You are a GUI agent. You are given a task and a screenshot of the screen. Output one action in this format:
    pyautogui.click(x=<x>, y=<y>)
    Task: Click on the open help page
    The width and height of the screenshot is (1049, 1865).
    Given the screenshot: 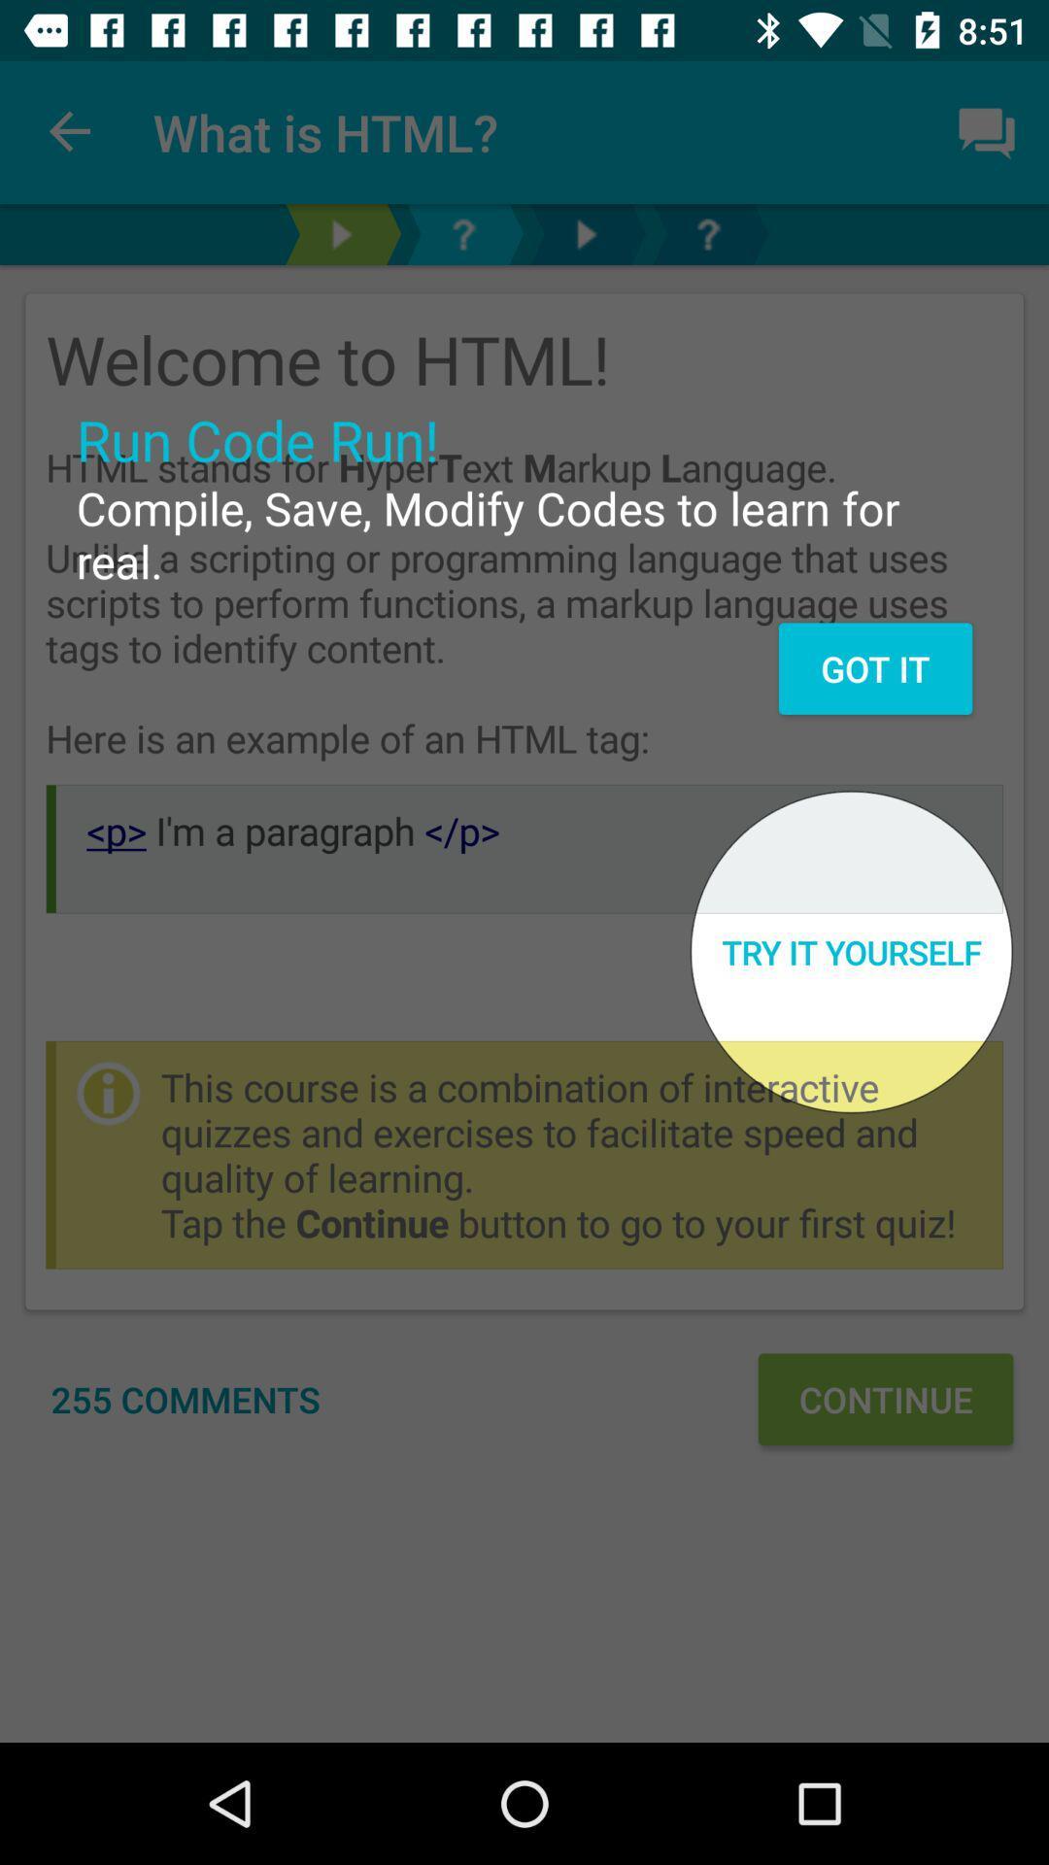 What is the action you would take?
    pyautogui.click(x=708, y=233)
    